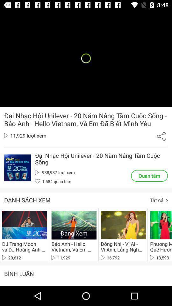 The width and height of the screenshot is (172, 306). I want to click on the button next to tat ca, so click(167, 200).